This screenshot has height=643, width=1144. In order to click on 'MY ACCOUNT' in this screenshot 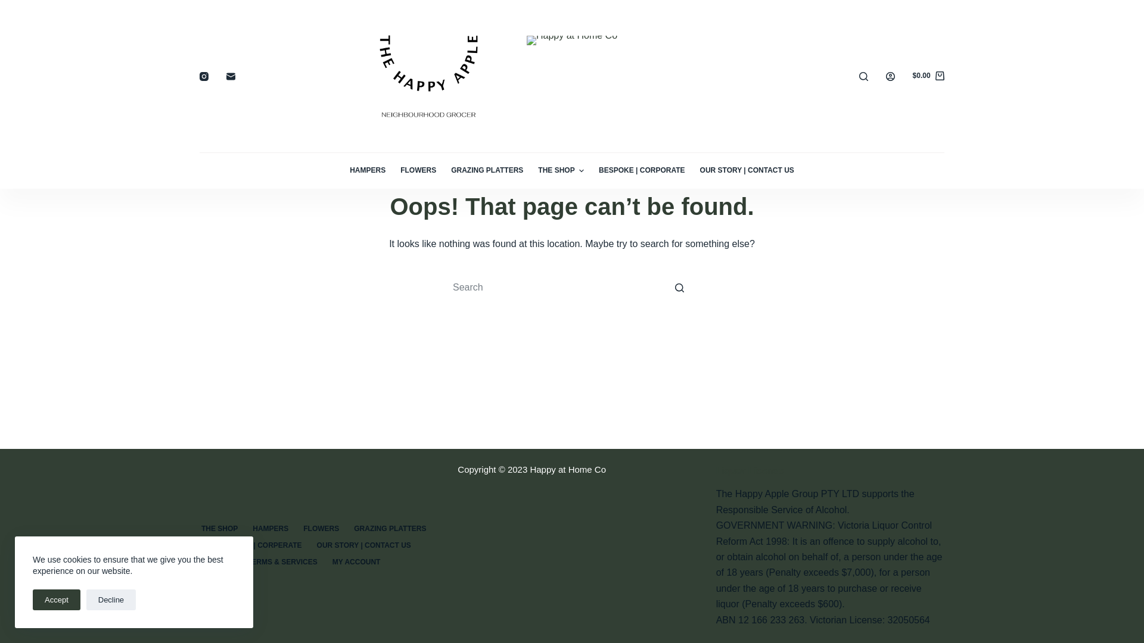, I will do `click(356, 563)`.